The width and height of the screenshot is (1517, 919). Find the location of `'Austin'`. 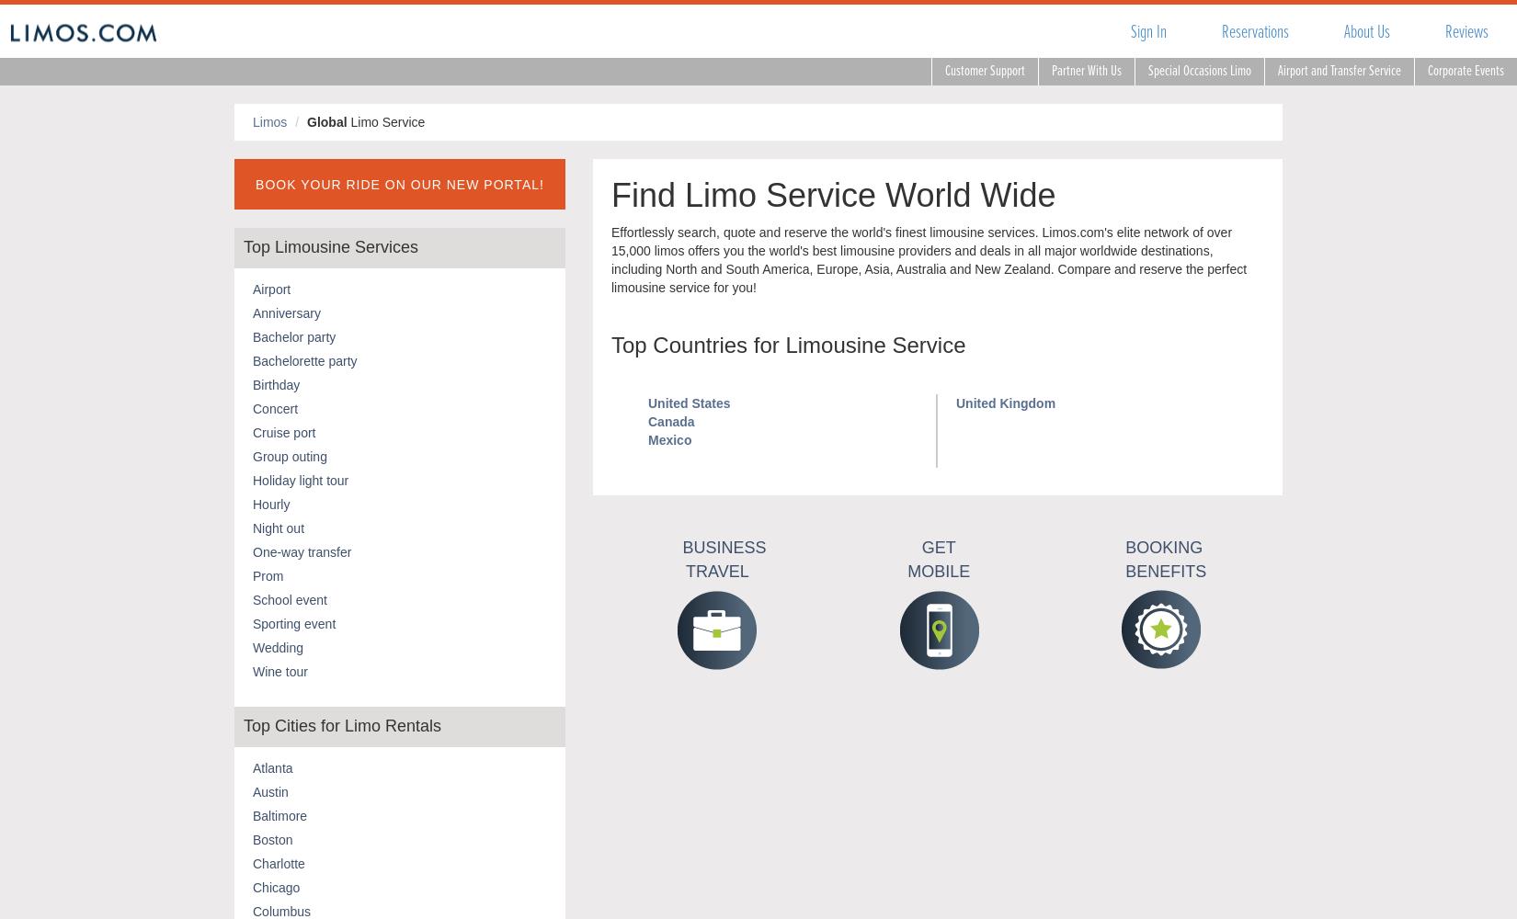

'Austin' is located at coordinates (270, 790).